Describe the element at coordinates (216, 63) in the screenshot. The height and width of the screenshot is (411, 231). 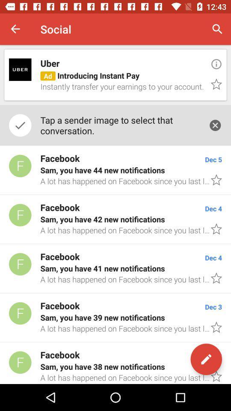
I see `item next to the ad introducing instant` at that location.